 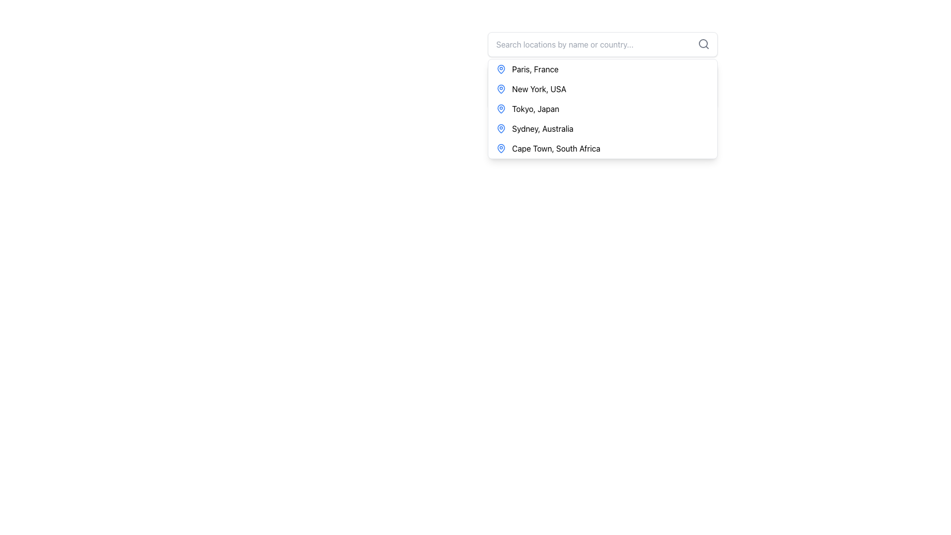 What do you see at coordinates (602, 108) in the screenshot?
I see `the List Item displaying 'Tokyo, Japan' to trigger the highlight effect` at bounding box center [602, 108].